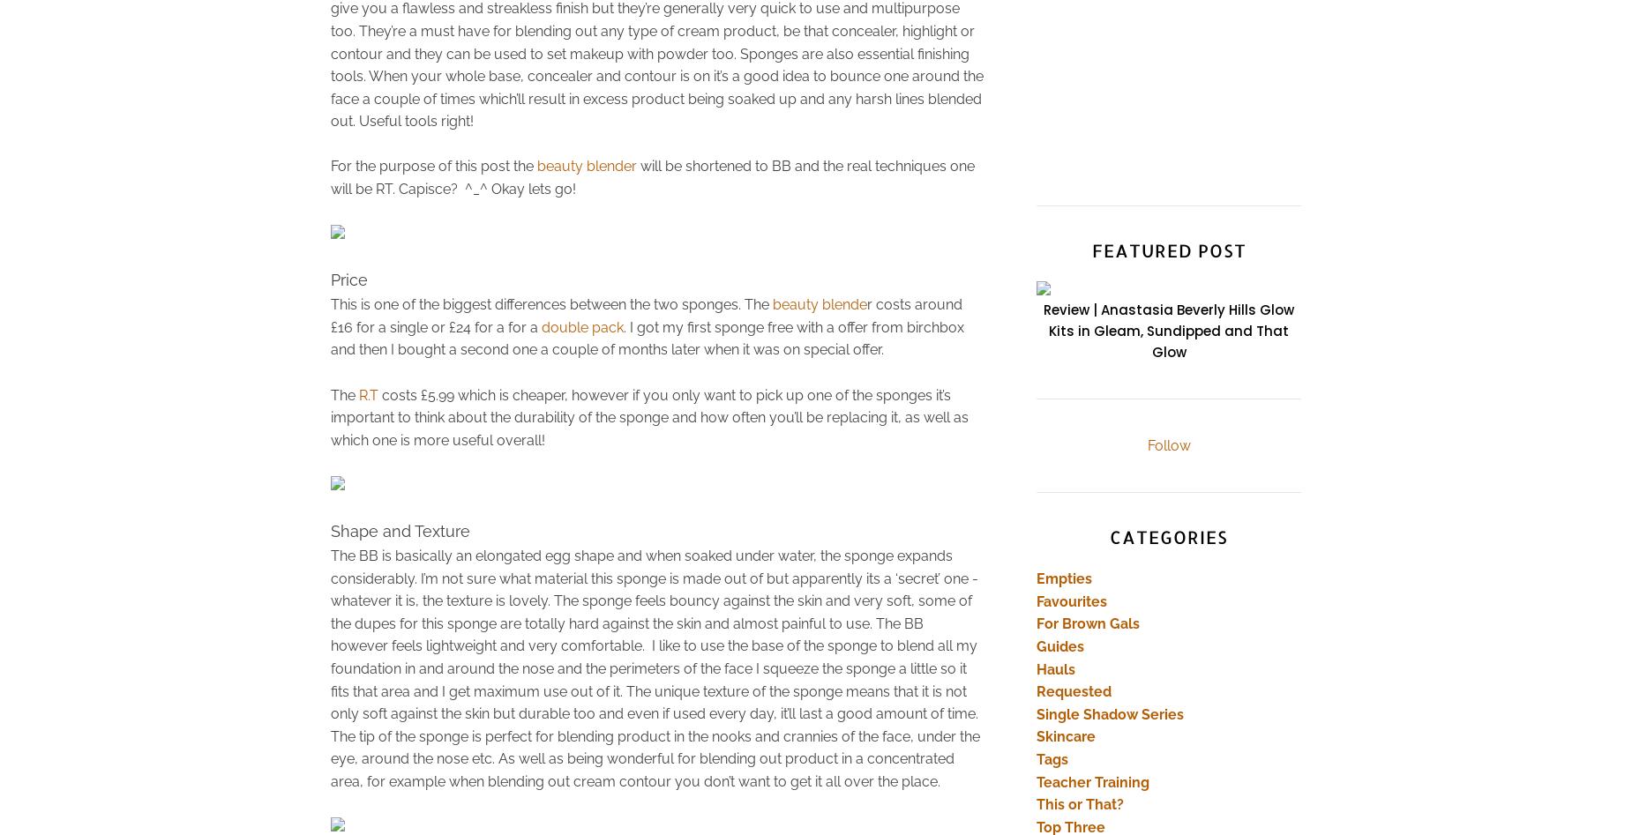 The image size is (1632, 835). What do you see at coordinates (1073, 691) in the screenshot?
I see `'Requested'` at bounding box center [1073, 691].